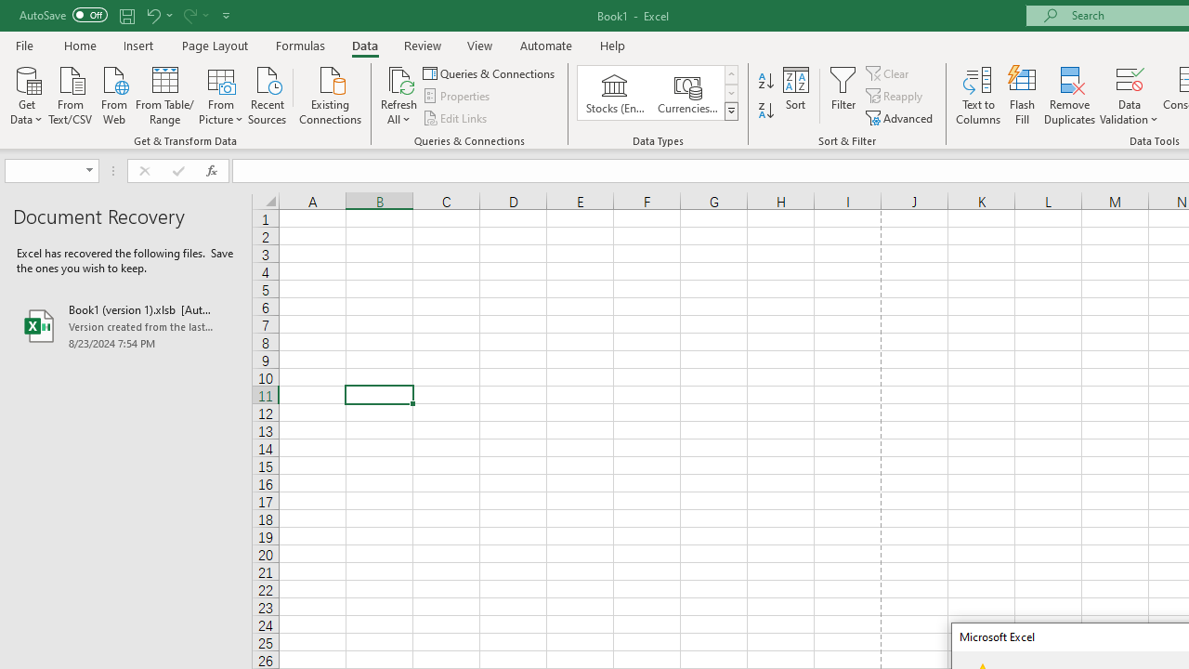  I want to click on 'Name Box', so click(52, 170).